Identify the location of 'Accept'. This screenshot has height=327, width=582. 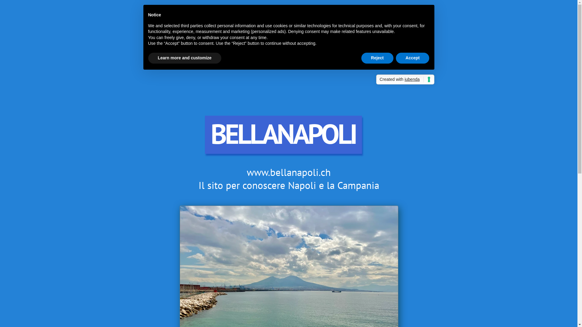
(412, 58).